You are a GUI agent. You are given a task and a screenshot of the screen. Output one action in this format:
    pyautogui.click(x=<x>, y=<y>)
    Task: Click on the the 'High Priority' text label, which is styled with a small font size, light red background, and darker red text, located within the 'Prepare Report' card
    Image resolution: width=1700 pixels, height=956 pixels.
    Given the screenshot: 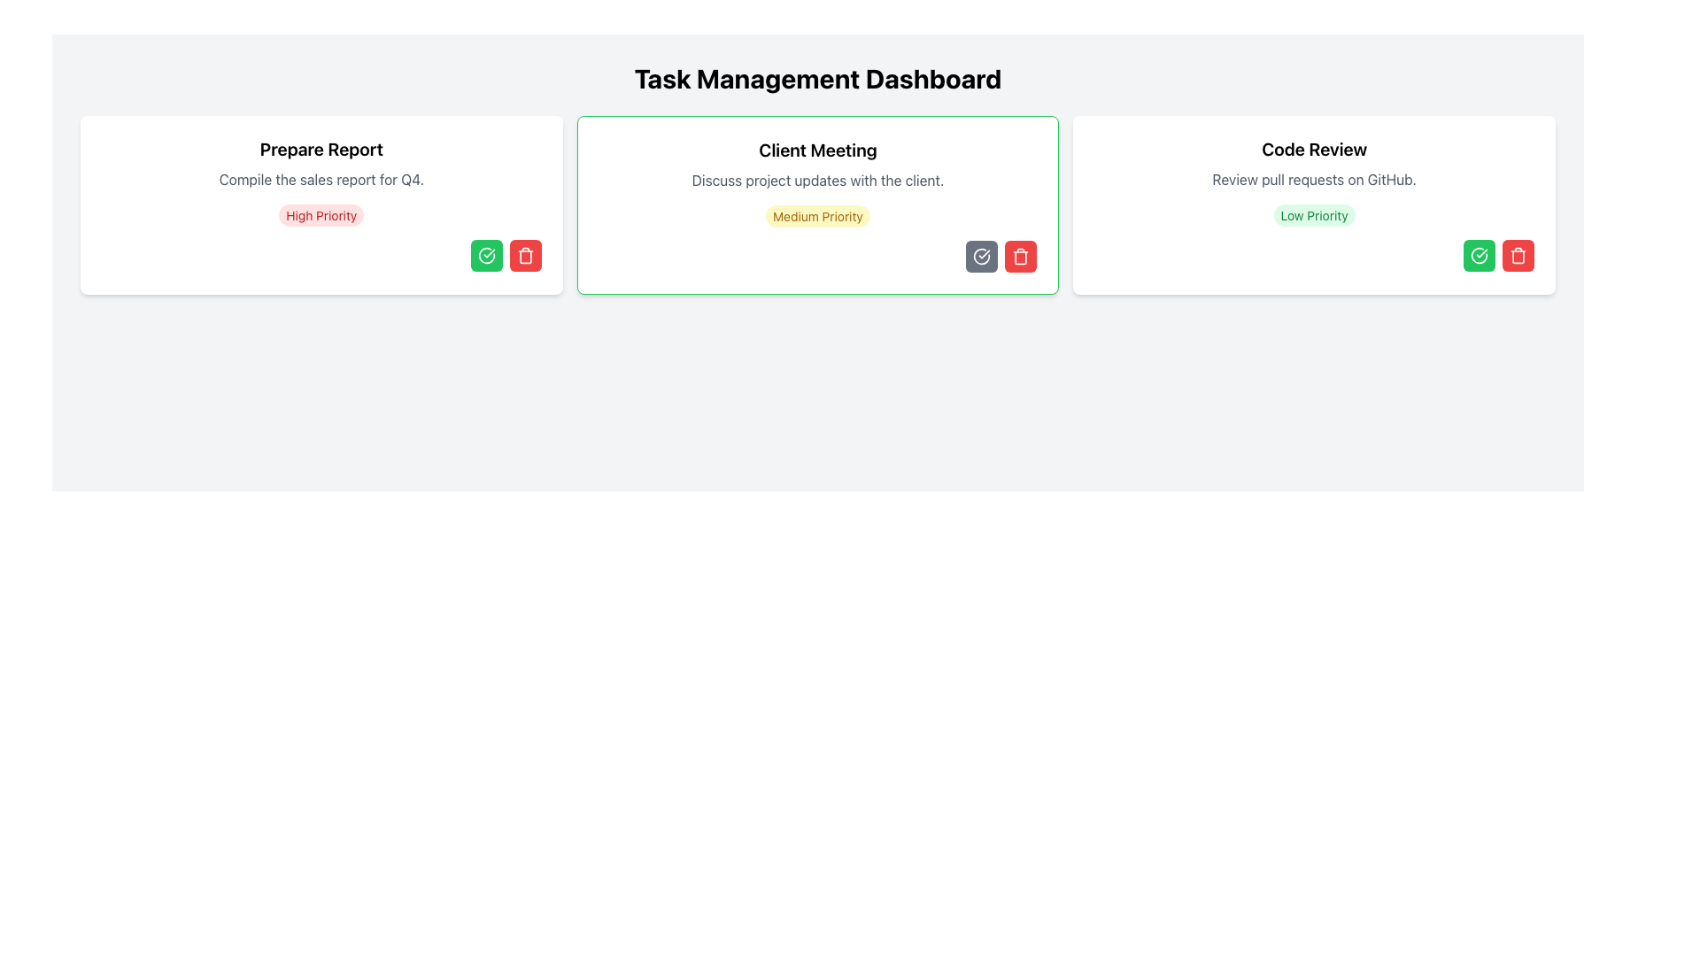 What is the action you would take?
    pyautogui.click(x=321, y=214)
    